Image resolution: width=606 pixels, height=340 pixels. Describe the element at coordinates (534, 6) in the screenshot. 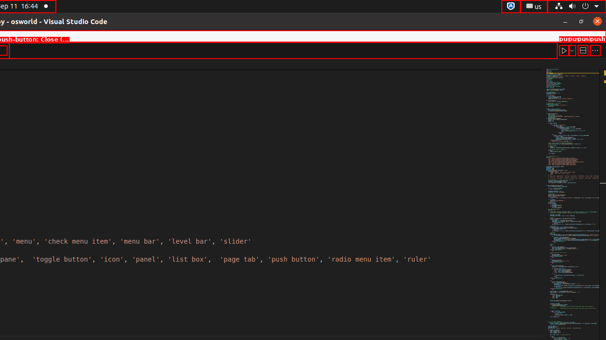

I see `':1.21/StatusNotifierItem'` at that location.